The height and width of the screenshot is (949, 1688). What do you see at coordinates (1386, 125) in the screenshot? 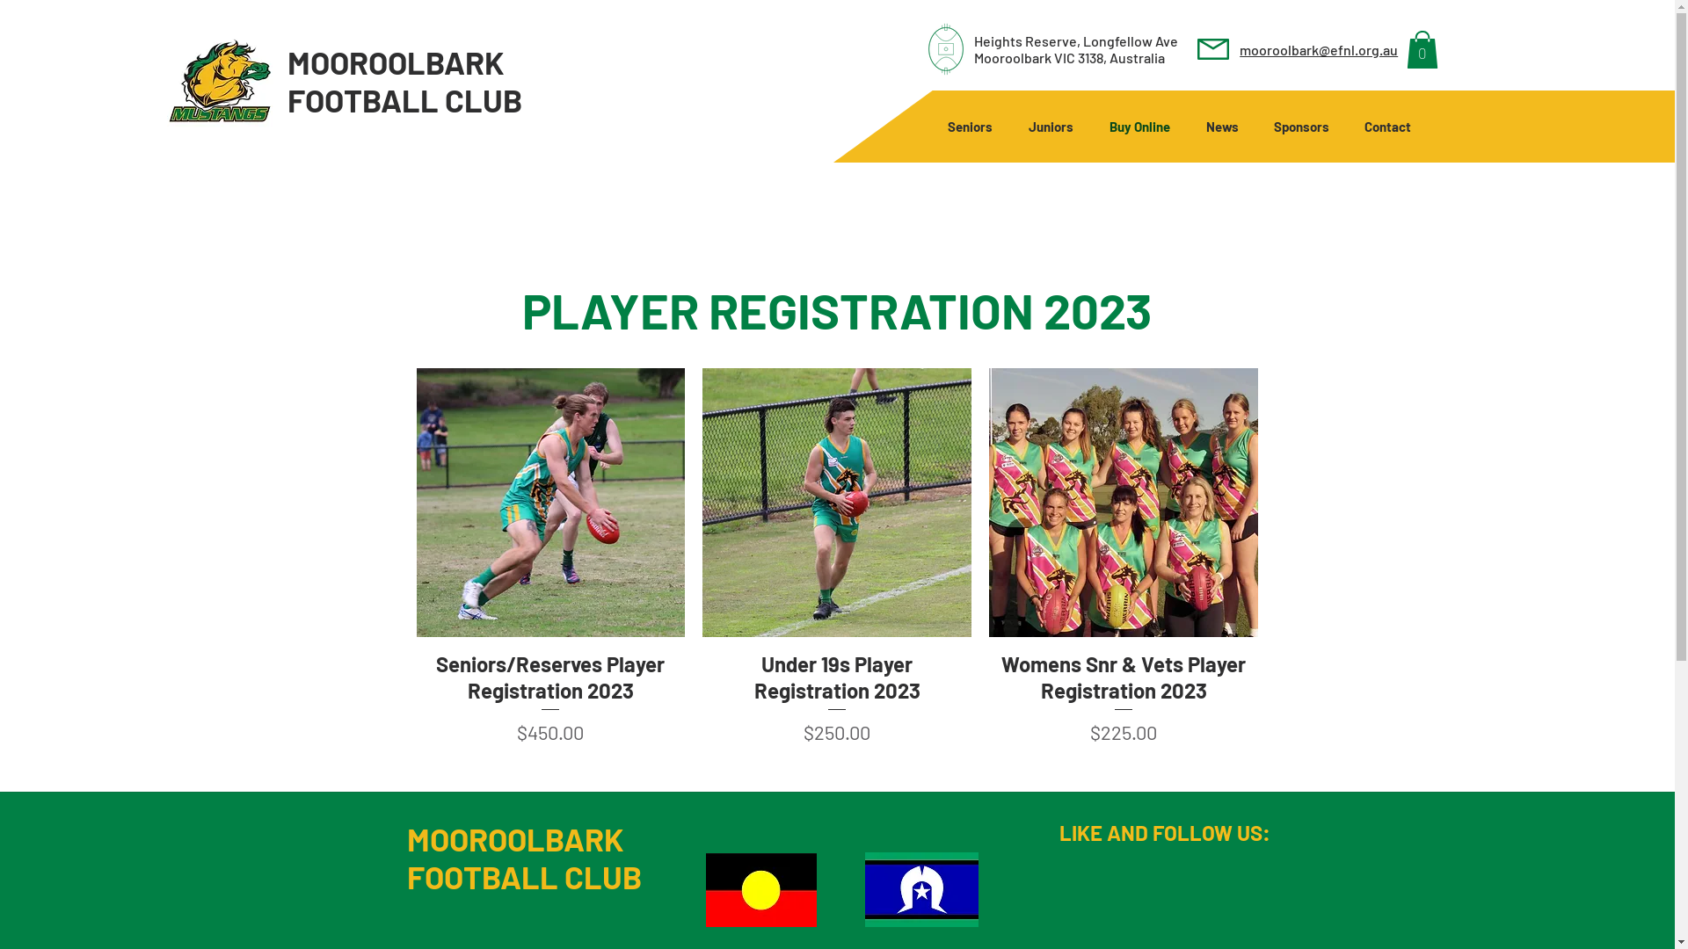
I see `'Contact'` at bounding box center [1386, 125].